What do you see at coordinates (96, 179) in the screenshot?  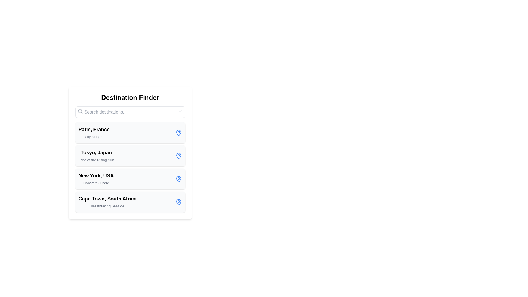 I see `the third text entry in the destination finder interface, which contains the title and subtitle for a location, positioned between 'Tokyo, Japan' and 'Cape Town, South Africa'` at bounding box center [96, 179].